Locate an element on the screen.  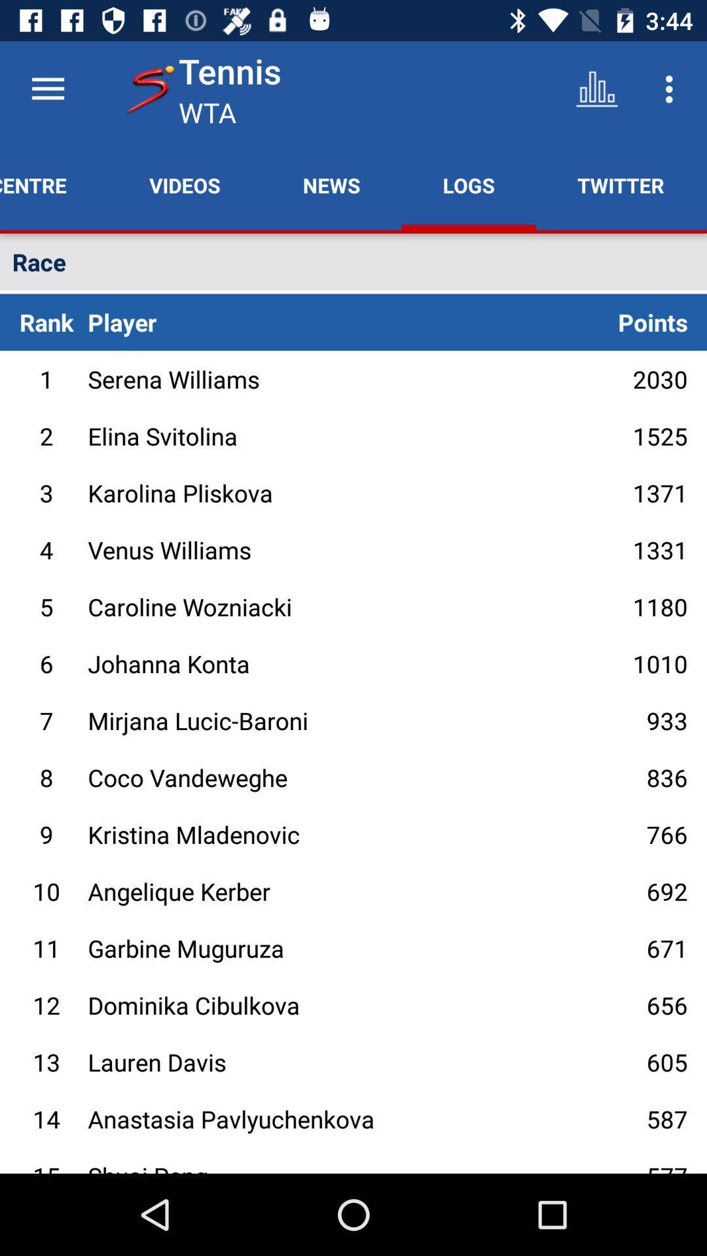
dashboard is located at coordinates (47, 88).